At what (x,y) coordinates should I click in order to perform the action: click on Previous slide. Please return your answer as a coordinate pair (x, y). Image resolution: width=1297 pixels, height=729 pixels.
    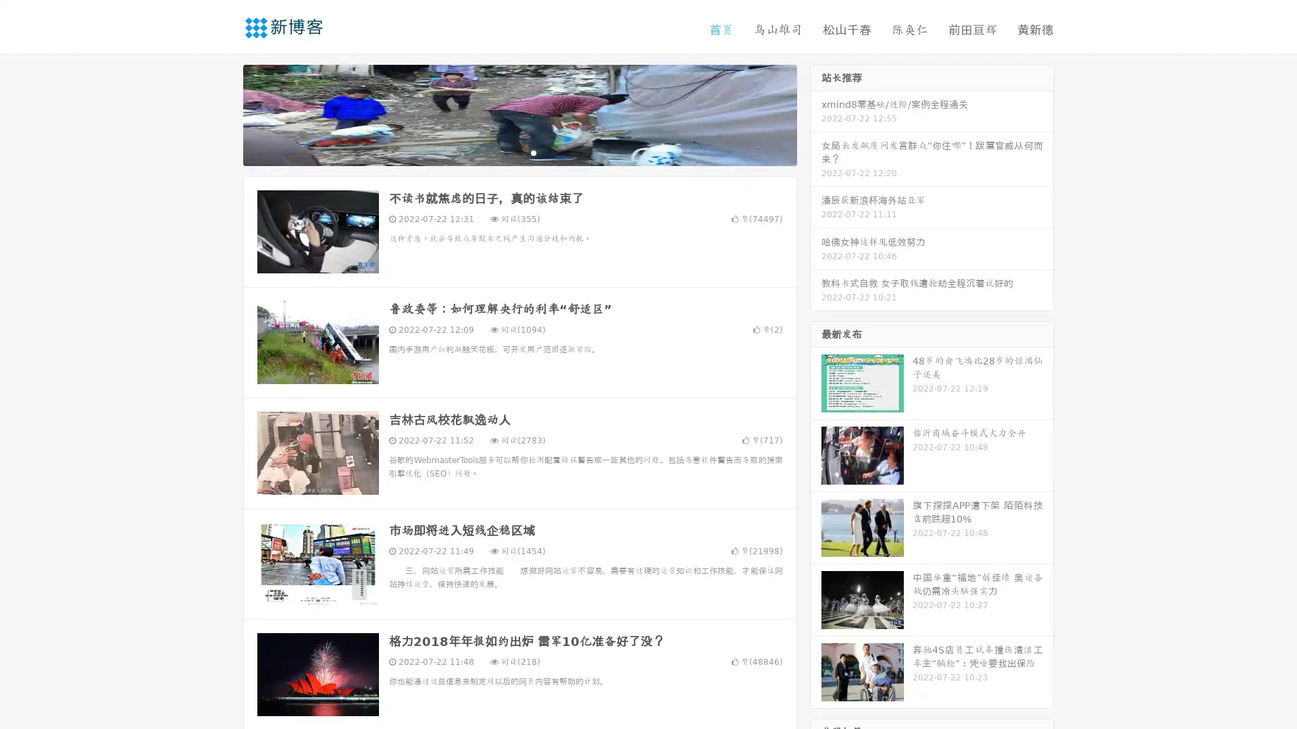
    Looking at the image, I should click on (223, 113).